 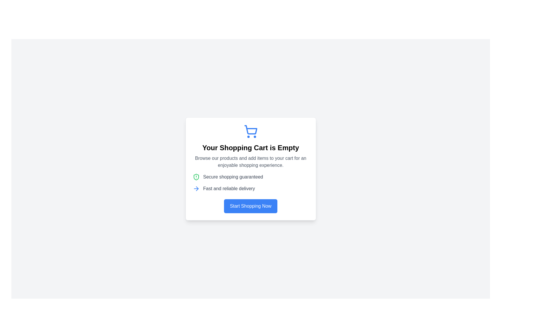 What do you see at coordinates (196, 189) in the screenshot?
I see `the arrow icon located to the left of the text 'Fast and reliable delivery' within the shopping benefits section` at bounding box center [196, 189].